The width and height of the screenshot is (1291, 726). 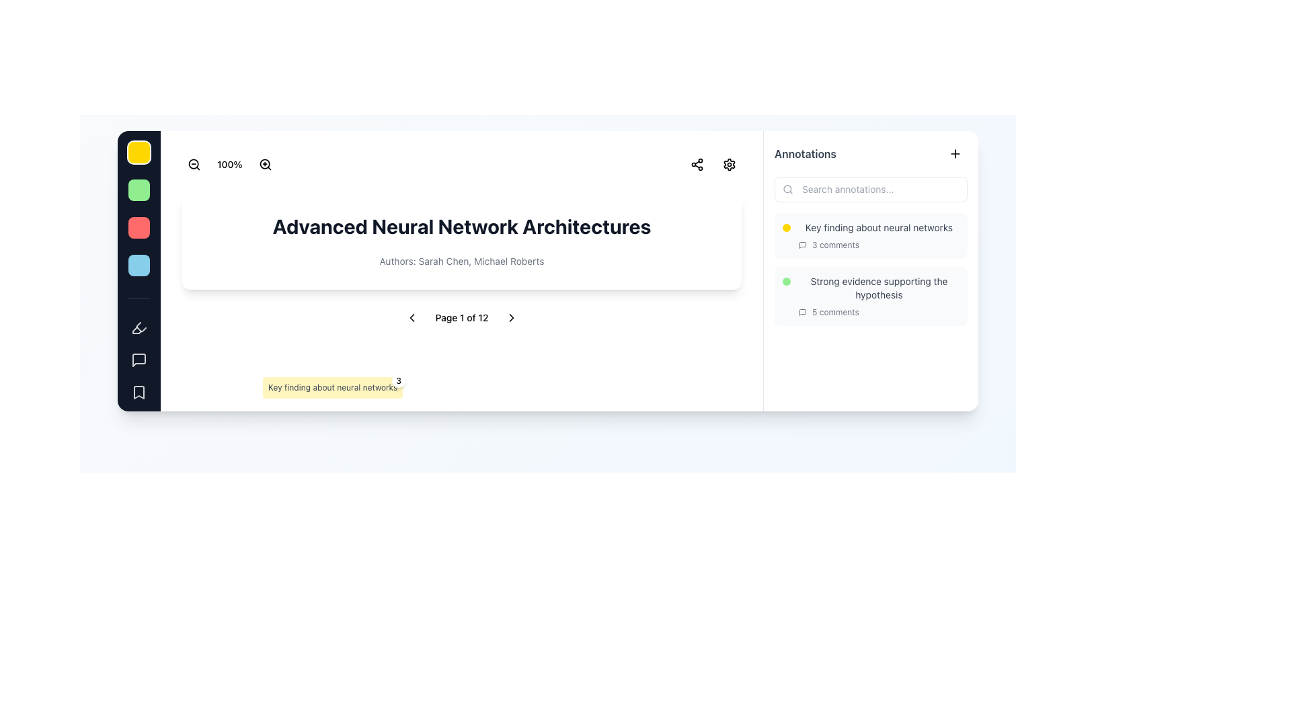 I want to click on the 'Disagree' button located in the third slot of a vertical column, positioned between a green and a light blue button, so click(x=139, y=227).